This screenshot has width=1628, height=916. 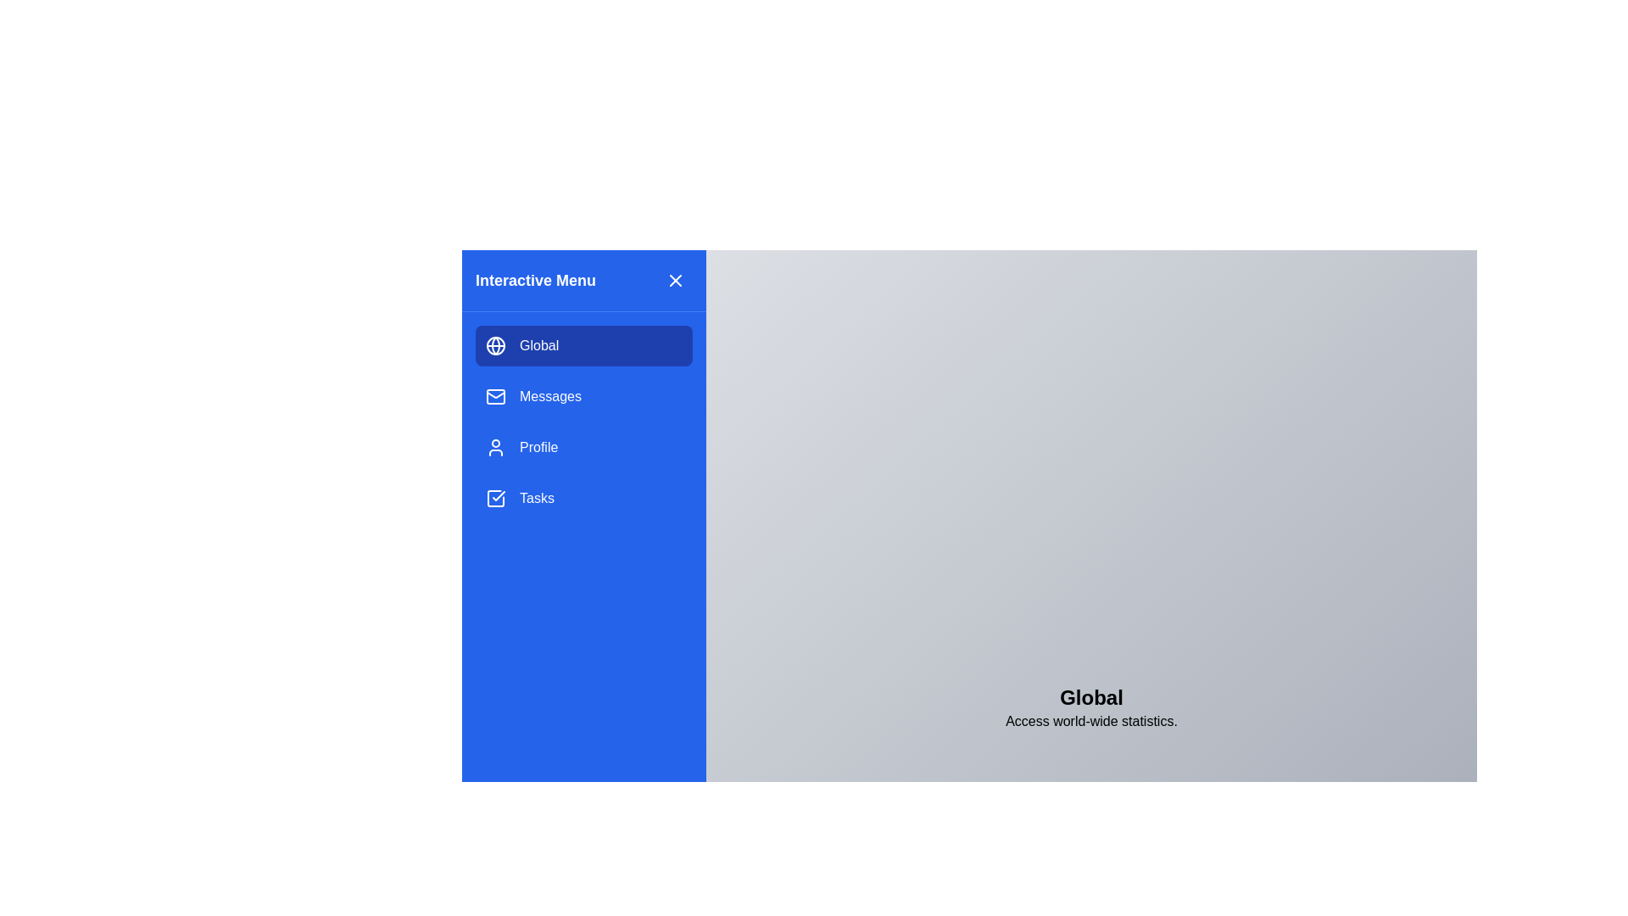 What do you see at coordinates (674, 280) in the screenshot?
I see `the close icon represented by an 'X' shape located in the top-right corner of the blue sidebar, near the label 'Interactive Menu'` at bounding box center [674, 280].